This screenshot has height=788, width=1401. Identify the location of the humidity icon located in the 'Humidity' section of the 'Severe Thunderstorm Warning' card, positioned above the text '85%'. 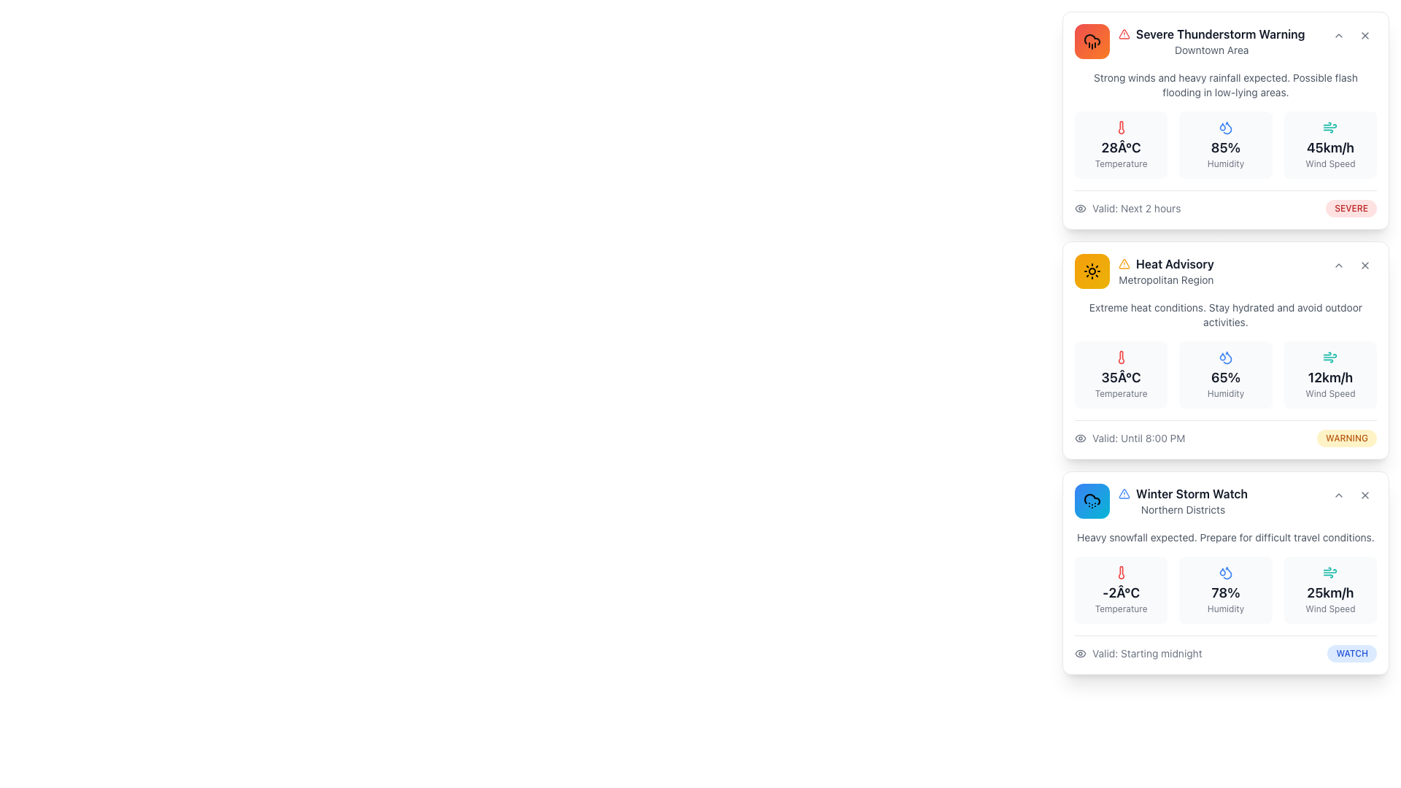
(1226, 126).